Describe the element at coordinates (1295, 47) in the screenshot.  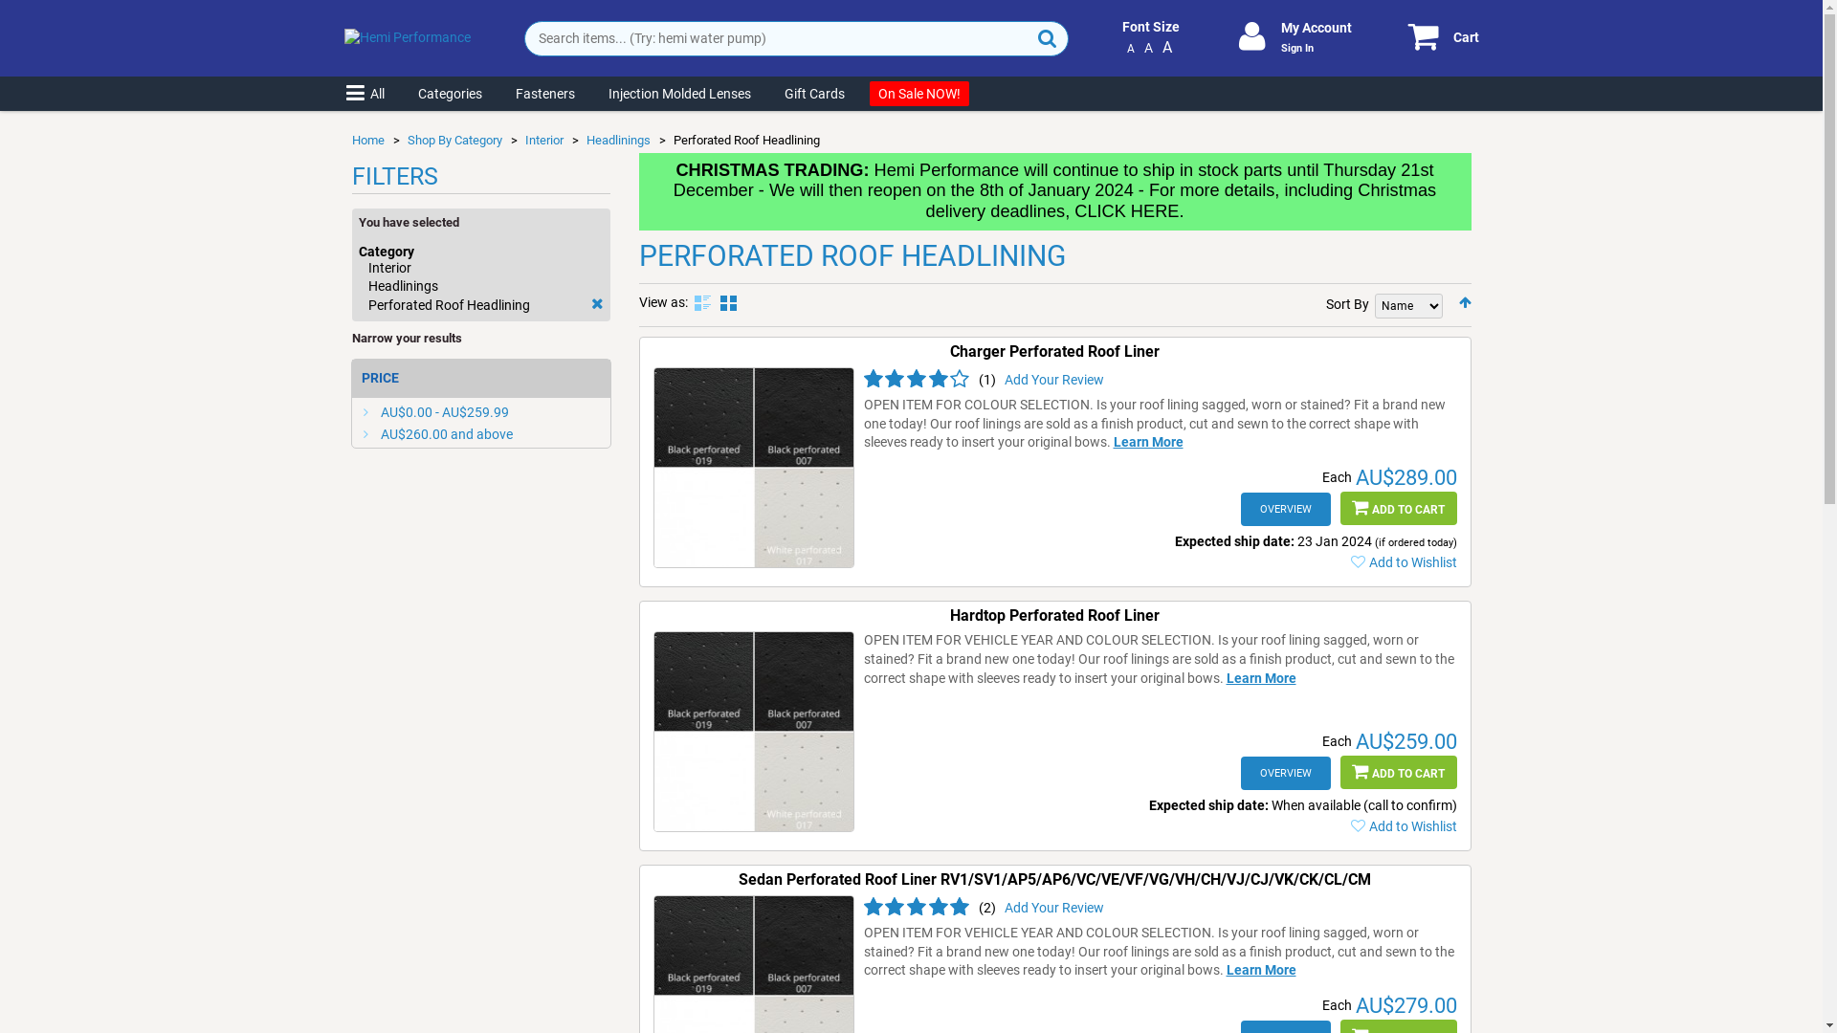
I see `'Sign In'` at that location.